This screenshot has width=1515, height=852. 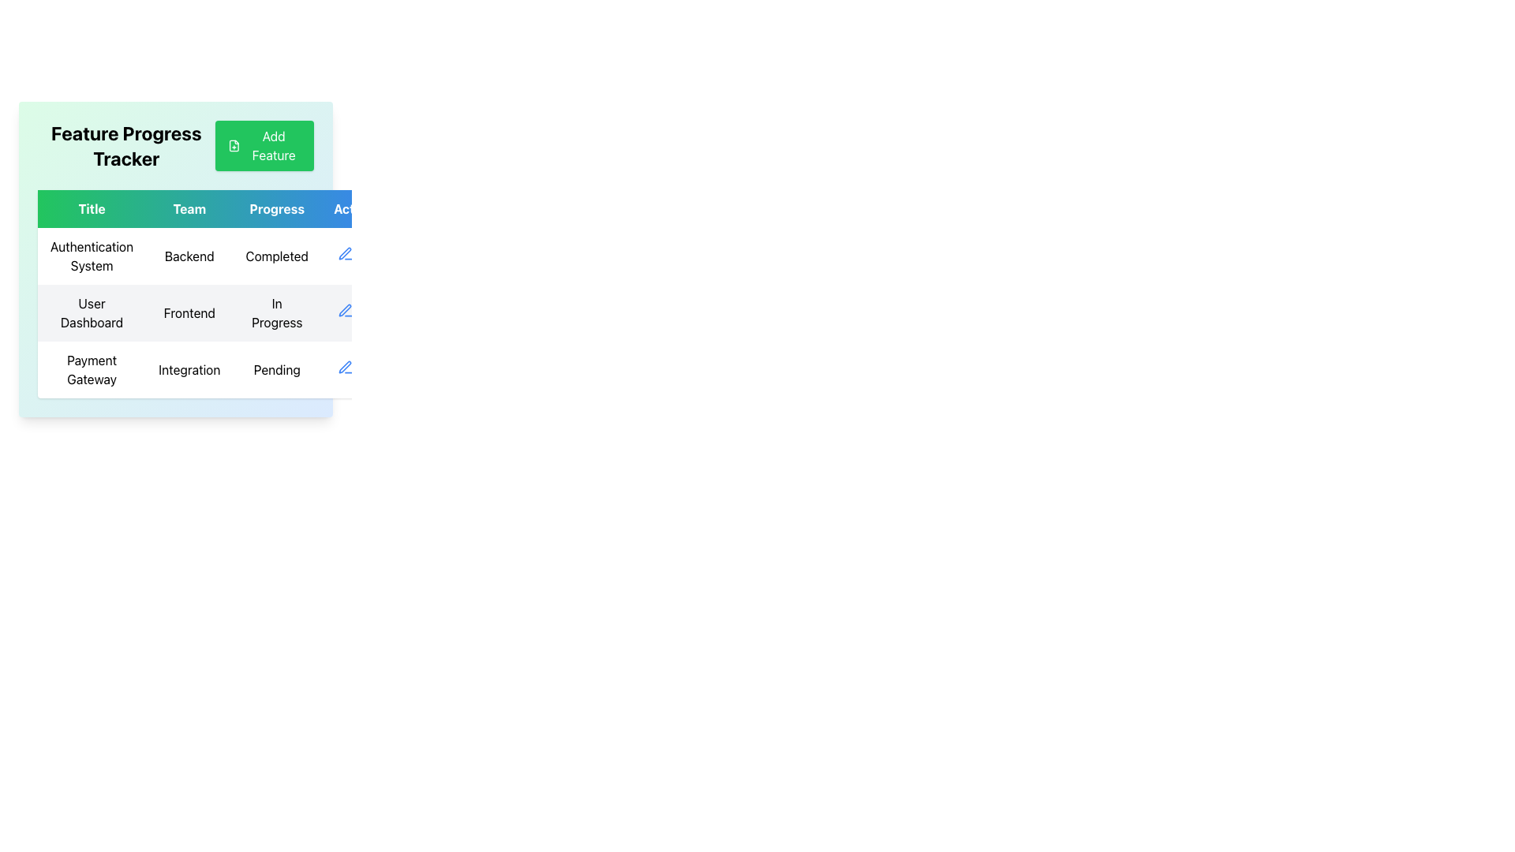 What do you see at coordinates (214, 313) in the screenshot?
I see `the second row of the table containing 'User Dashboard', 'Frontend', and 'In Progress'` at bounding box center [214, 313].